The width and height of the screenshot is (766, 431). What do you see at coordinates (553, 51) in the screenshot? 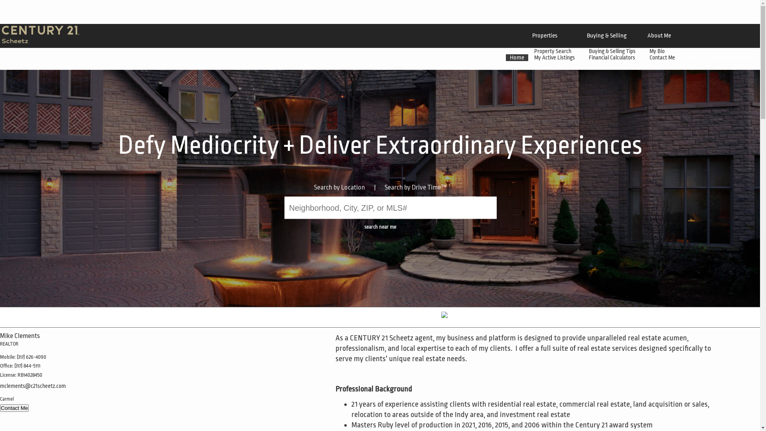
I see `'Property Search'` at bounding box center [553, 51].